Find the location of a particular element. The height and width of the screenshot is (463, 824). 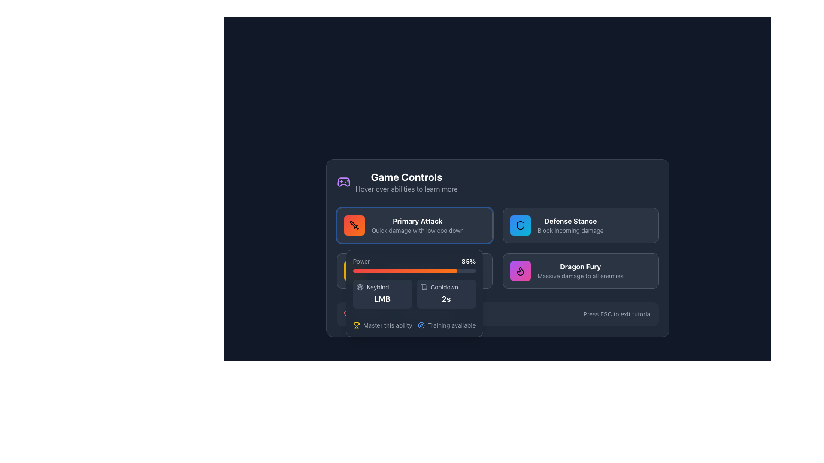

the shield icon representing the 'Defense Stance' action, located in the top right of the 'Game Controls' panel, specifically on the button labeled 'Defense Stance' is located at coordinates (520, 225).